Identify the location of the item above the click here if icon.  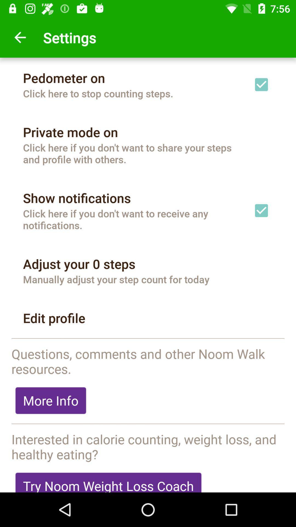
(70, 132).